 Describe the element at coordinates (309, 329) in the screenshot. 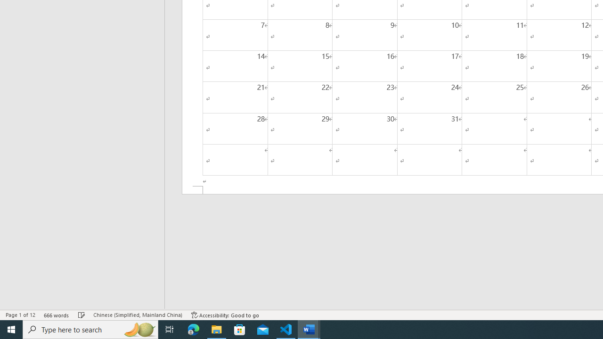

I see `'Word - 2 running windows'` at that location.